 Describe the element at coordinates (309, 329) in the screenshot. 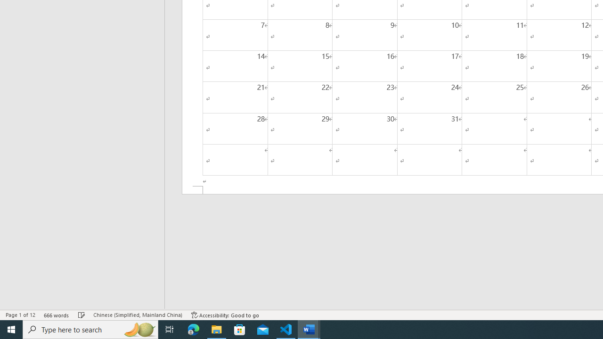

I see `'Word - 2 running windows'` at that location.